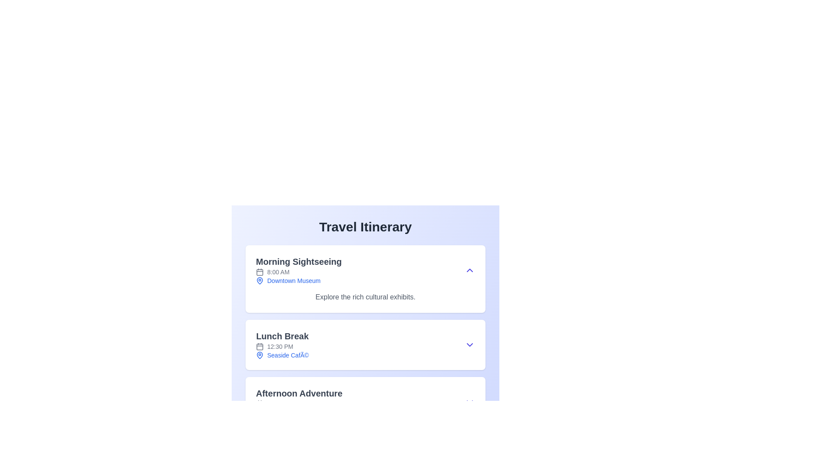  What do you see at coordinates (259, 346) in the screenshot?
I see `the calendar icon by clicking on the central decoration representing the calendar element, which is a rectangular shape with rounded corners` at bounding box center [259, 346].